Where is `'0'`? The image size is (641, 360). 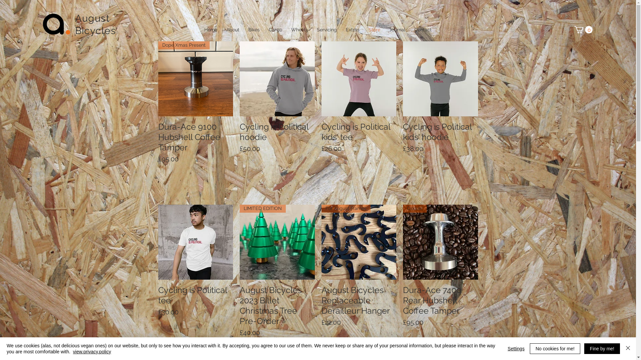 '0' is located at coordinates (574, 29).